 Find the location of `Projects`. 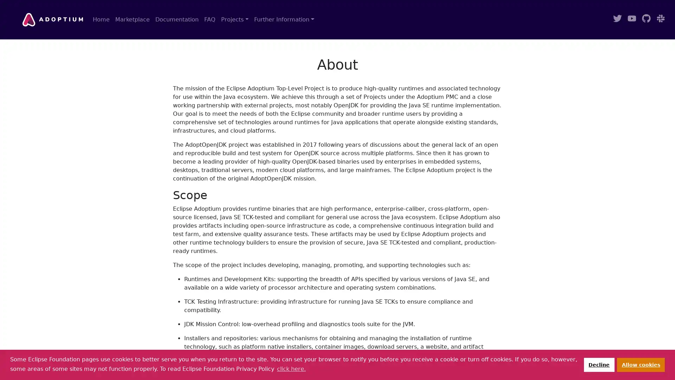

Projects is located at coordinates (234, 19).